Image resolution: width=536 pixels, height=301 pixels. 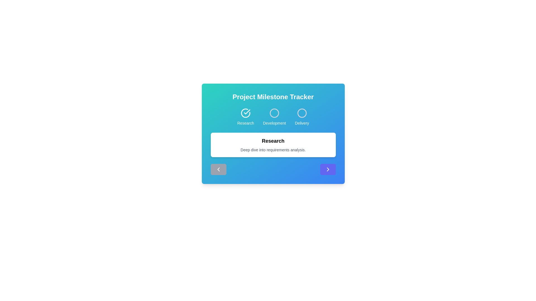 What do you see at coordinates (274, 113) in the screenshot?
I see `the inner circle of the 'Development' icon in the milestone tracker system, which is the second icon in a row of three under the 'Project Milestone Tracker' heading` at bounding box center [274, 113].